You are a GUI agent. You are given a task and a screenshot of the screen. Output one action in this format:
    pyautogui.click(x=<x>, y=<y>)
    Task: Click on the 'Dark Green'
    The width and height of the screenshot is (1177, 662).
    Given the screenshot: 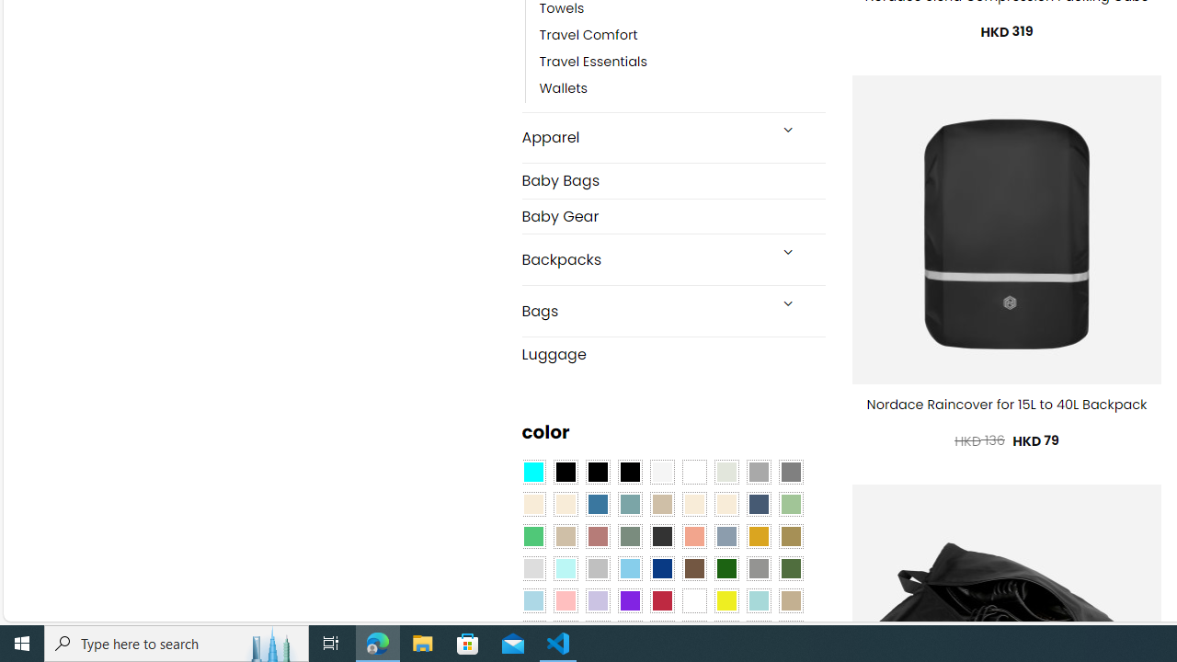 What is the action you would take?
    pyautogui.click(x=725, y=568)
    